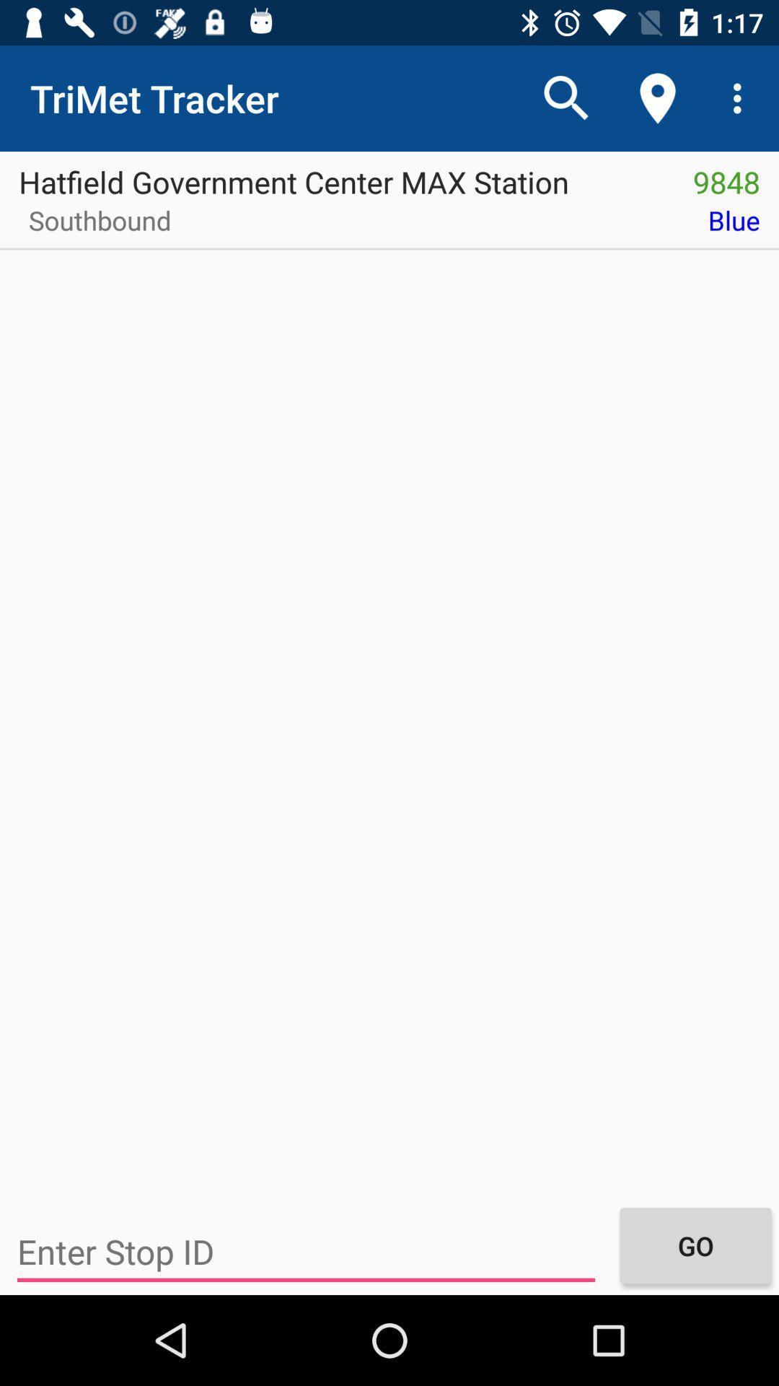  I want to click on item next to trimet tracker, so click(566, 97).